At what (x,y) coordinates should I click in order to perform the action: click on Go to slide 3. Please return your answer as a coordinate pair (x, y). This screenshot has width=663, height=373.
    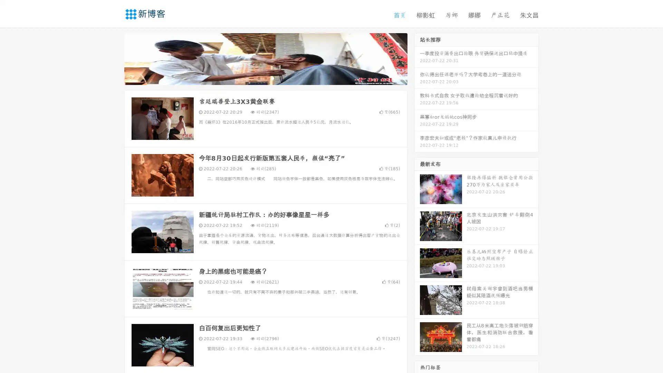
    Looking at the image, I should click on (272, 78).